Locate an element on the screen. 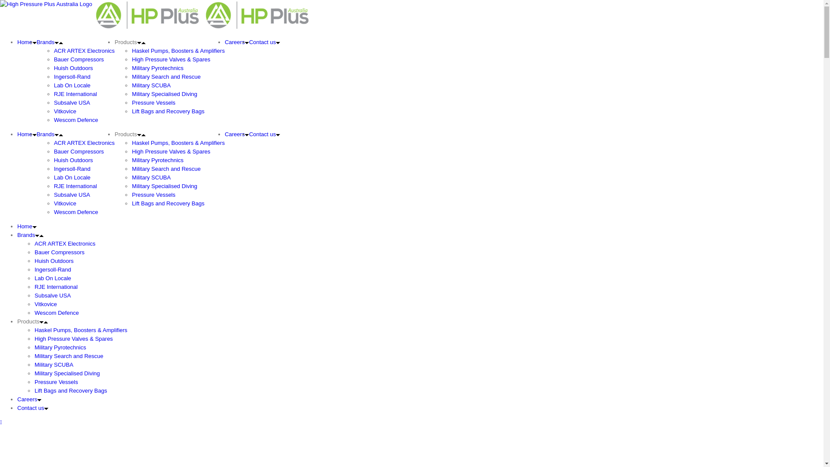 The image size is (830, 467). 'Wescom Defence' is located at coordinates (53, 120).